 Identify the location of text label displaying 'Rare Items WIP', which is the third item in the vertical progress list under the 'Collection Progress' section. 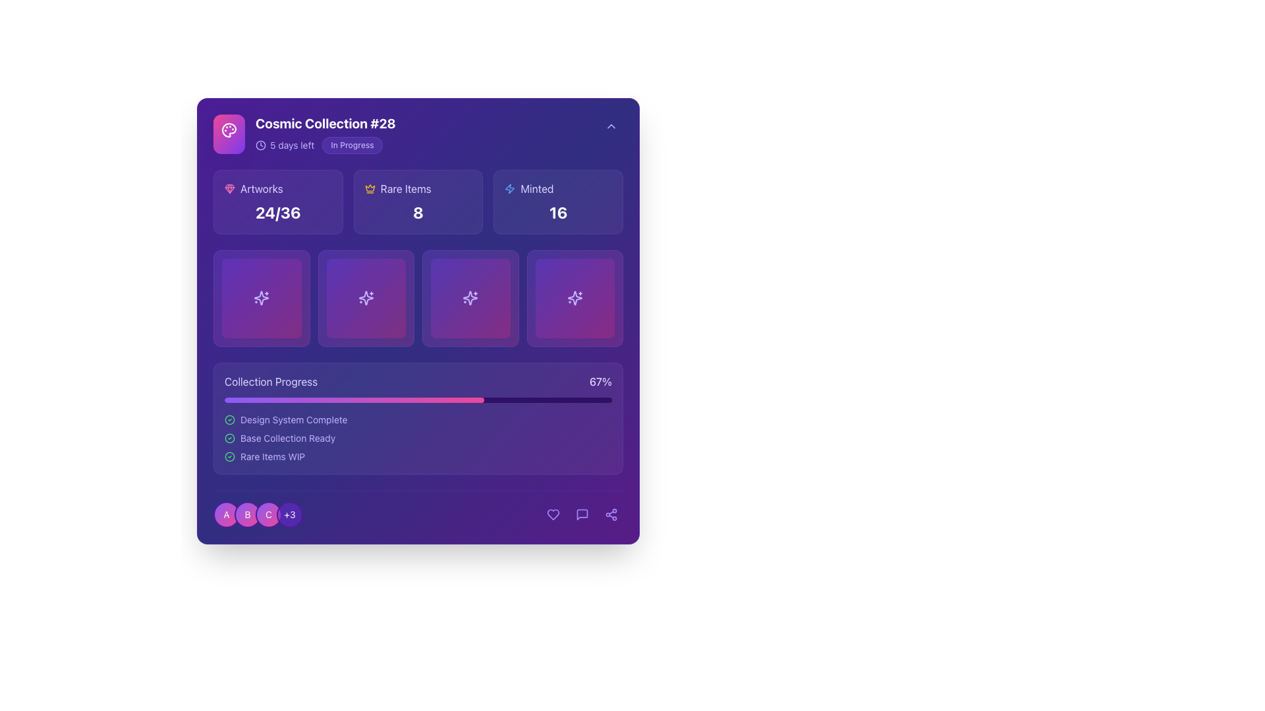
(272, 456).